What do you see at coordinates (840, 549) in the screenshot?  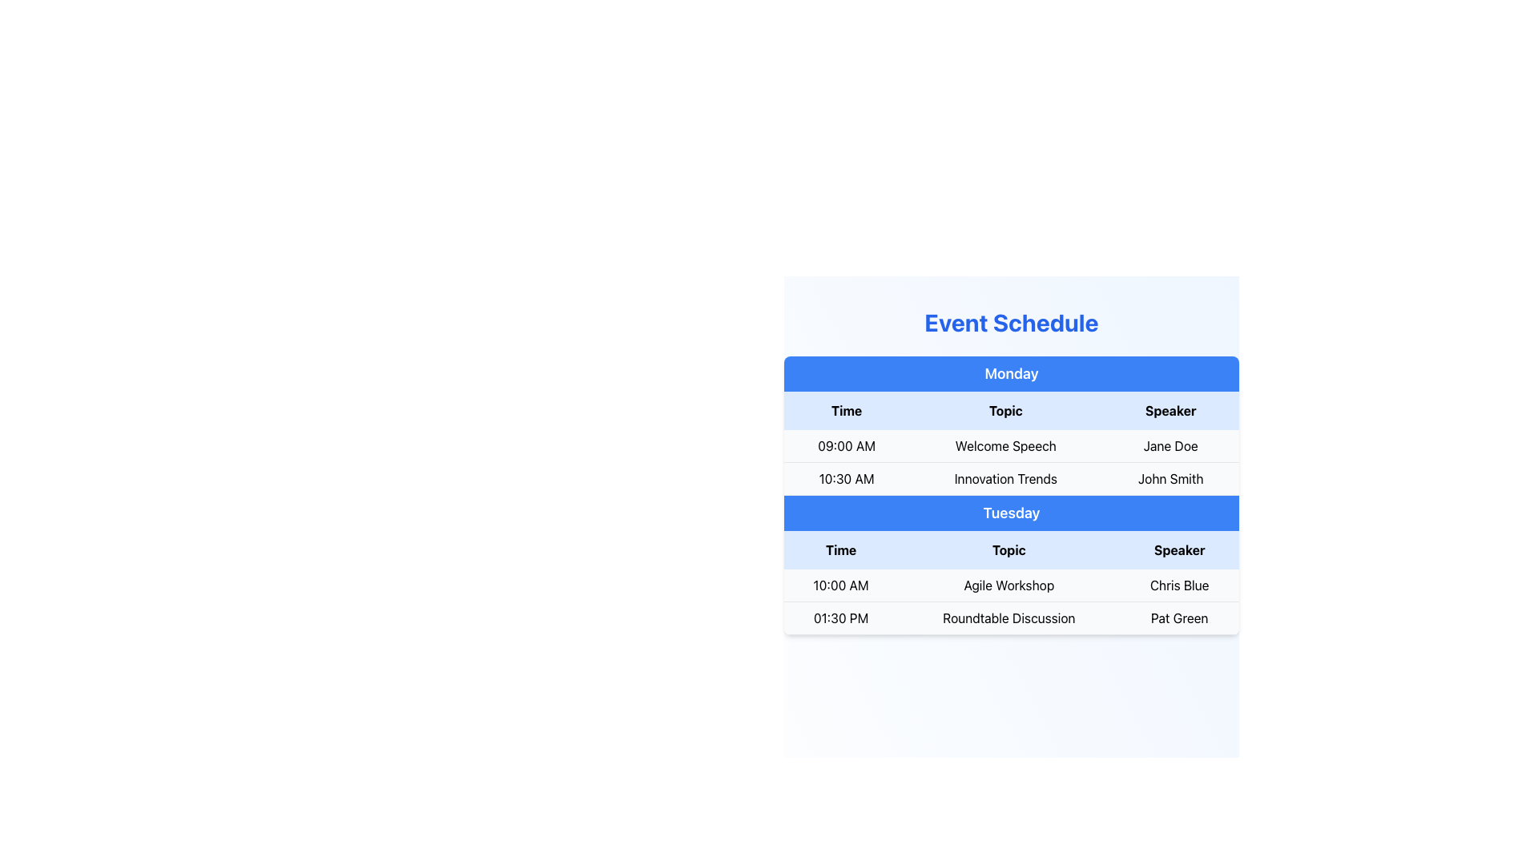 I see `the 'Time' text header element, which is bold and black on a blue background, located in the second header row under 'Tuesday' in the scheduling interface` at bounding box center [840, 549].